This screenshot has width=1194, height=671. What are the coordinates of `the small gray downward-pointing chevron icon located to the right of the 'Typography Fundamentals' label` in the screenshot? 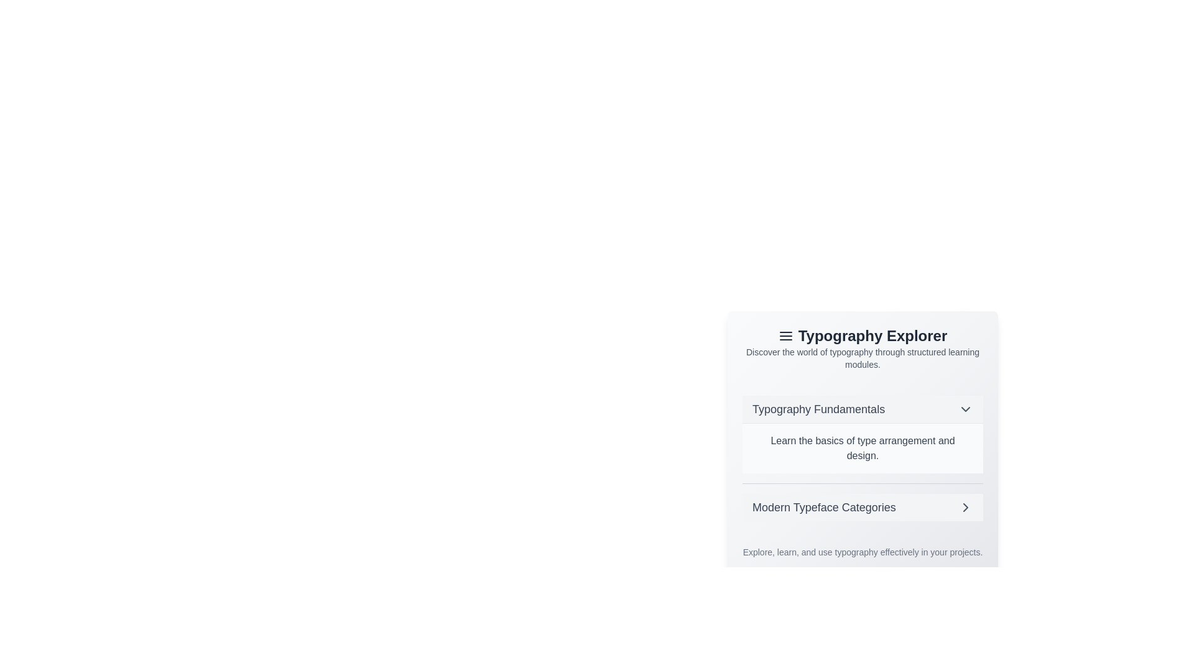 It's located at (965, 409).